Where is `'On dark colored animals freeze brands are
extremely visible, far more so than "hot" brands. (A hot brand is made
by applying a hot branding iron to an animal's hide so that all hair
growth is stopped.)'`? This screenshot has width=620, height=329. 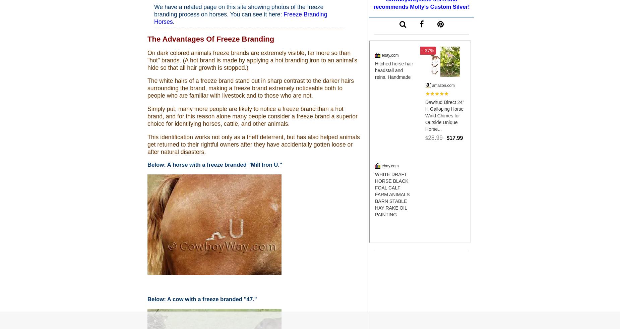
'On dark colored animals freeze brands are
extremely visible, far more so than "hot" brands. (A hot brand is made
by applying a hot branding iron to an animal's hide so that all hair
growth is stopped.)' is located at coordinates (252, 60).